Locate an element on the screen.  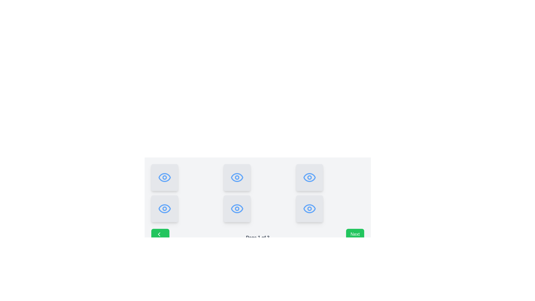
the non-interactive eye icon located in the middle column of the second row in a grid of eye icons is located at coordinates (237, 208).